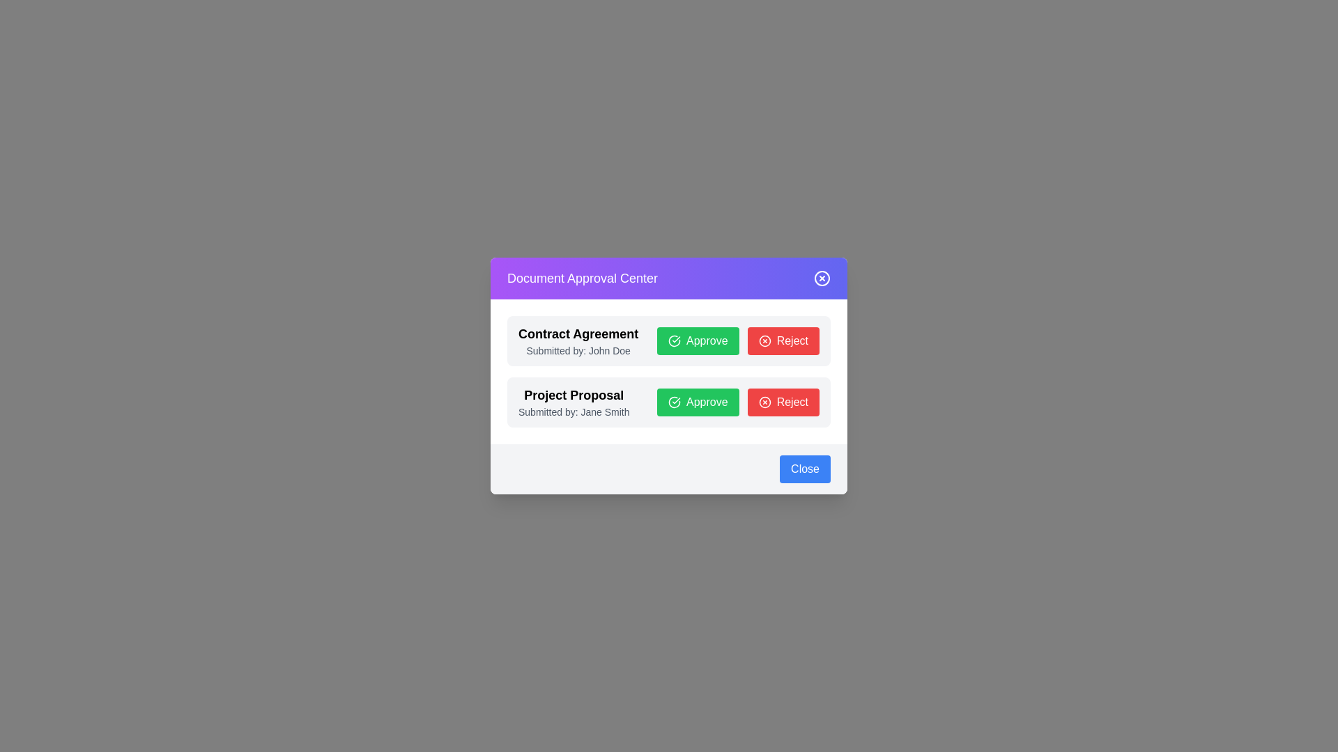 The height and width of the screenshot is (752, 1338). Describe the element at coordinates (764, 340) in the screenshot. I see `the SVG icon that visually indicates the reject action, which is located within the red 'Reject' button in the bottom-right section of the modal dialog` at that location.